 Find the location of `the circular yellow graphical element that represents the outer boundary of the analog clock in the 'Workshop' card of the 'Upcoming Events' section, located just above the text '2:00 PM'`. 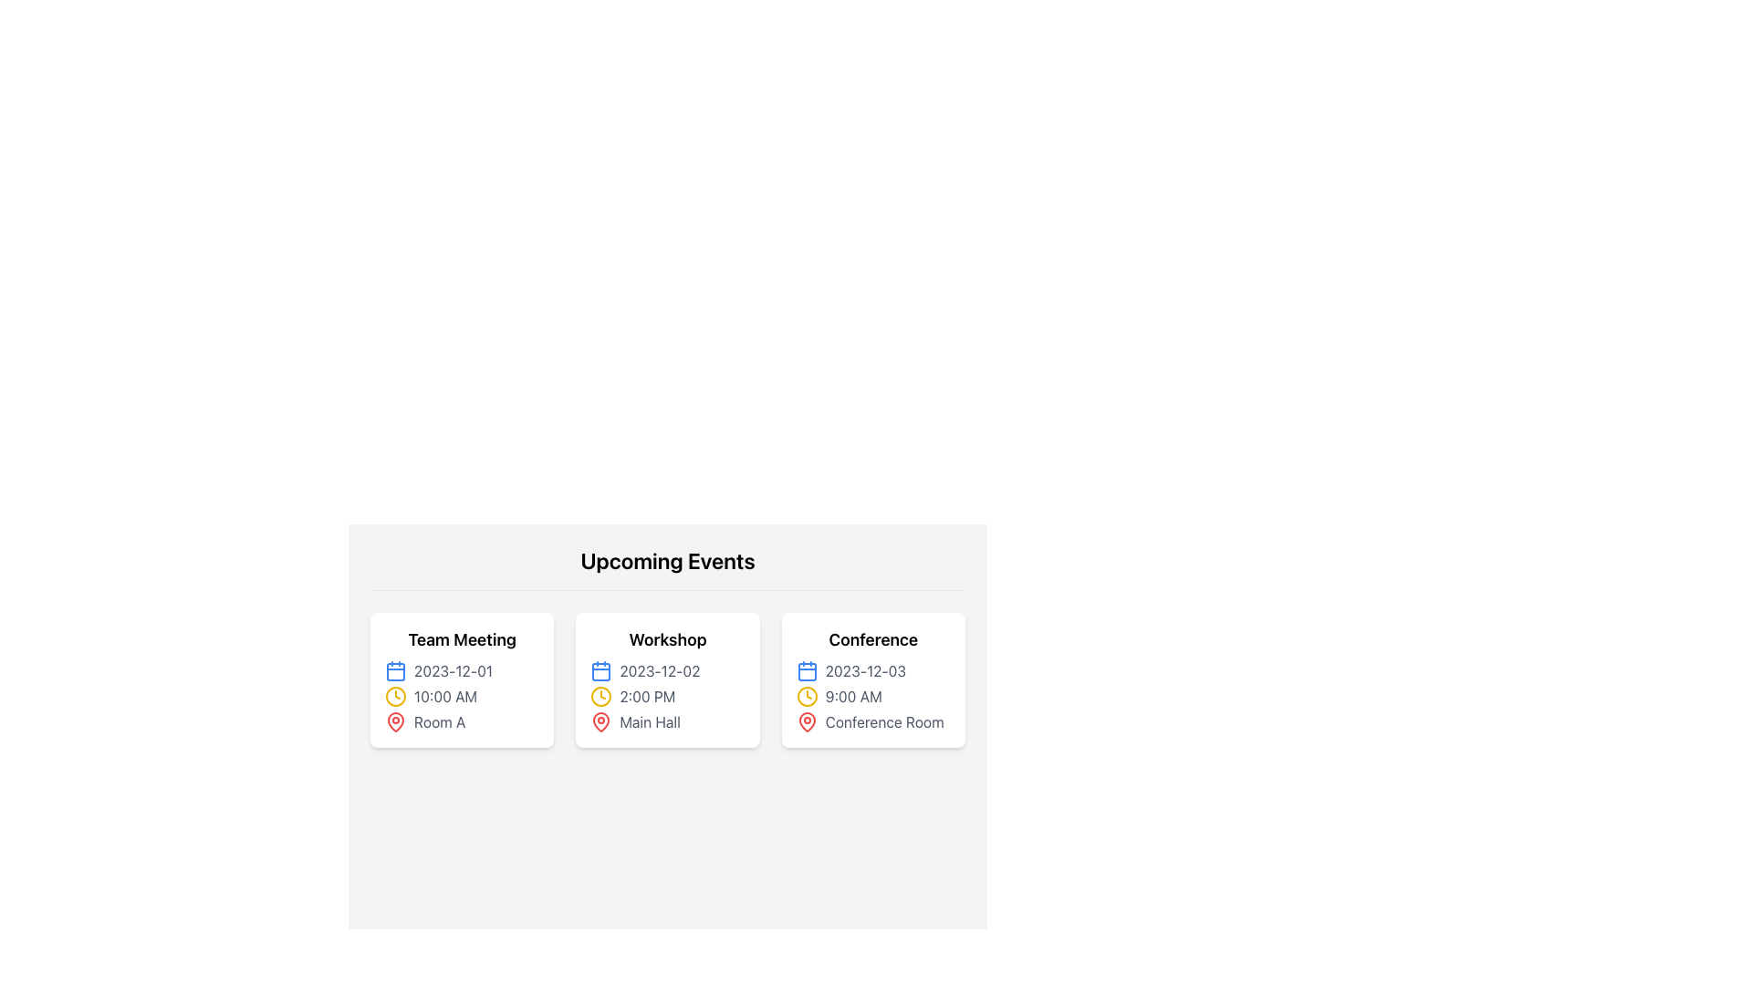

the circular yellow graphical element that represents the outer boundary of the analog clock in the 'Workshop' card of the 'Upcoming Events' section, located just above the text '2:00 PM' is located at coordinates (806, 696).